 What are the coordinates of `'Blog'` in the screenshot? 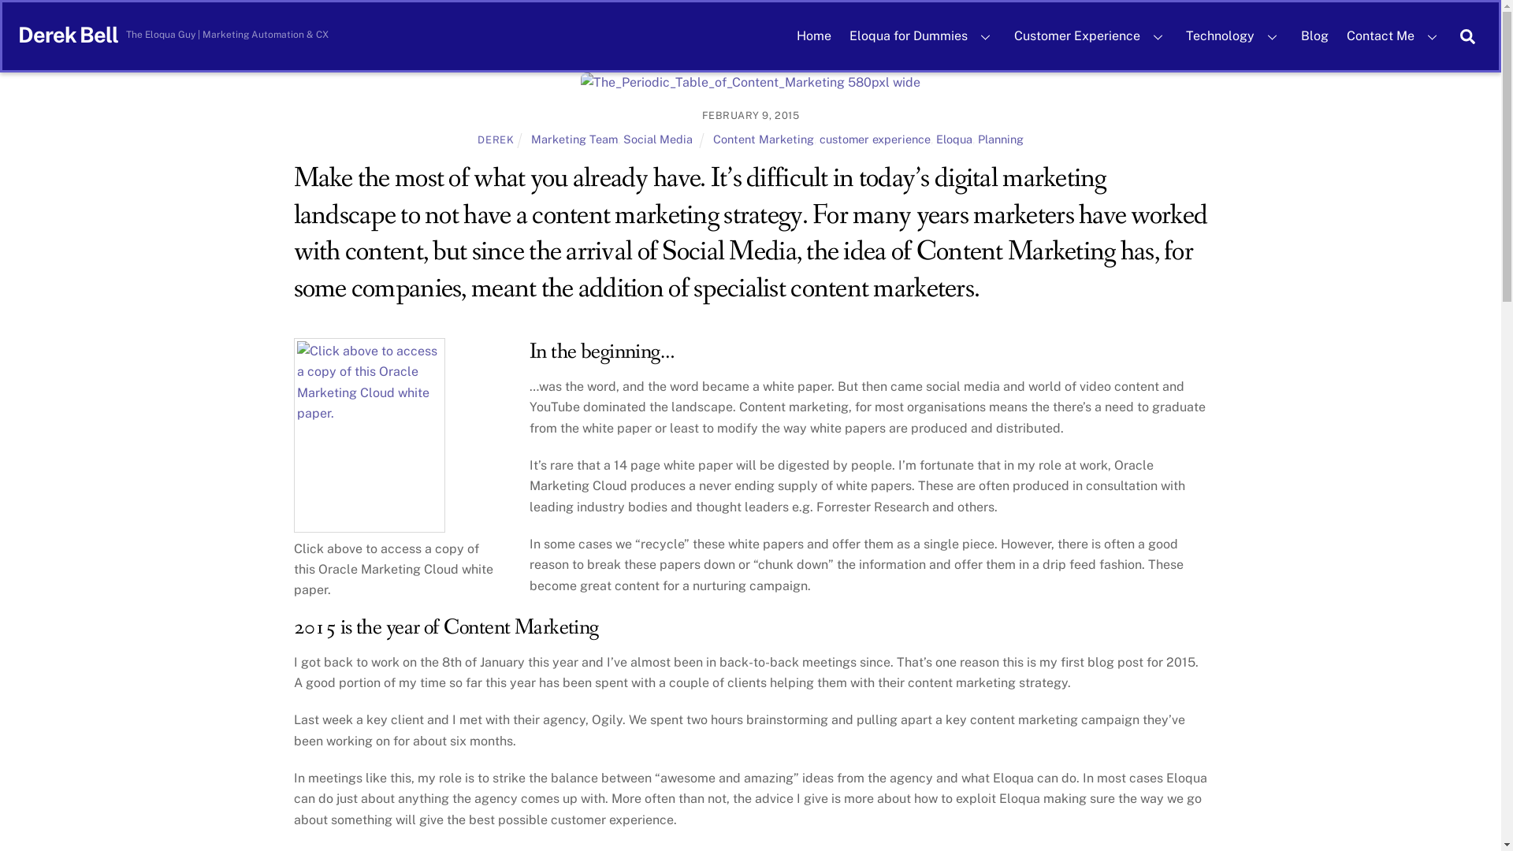 It's located at (1293, 35).